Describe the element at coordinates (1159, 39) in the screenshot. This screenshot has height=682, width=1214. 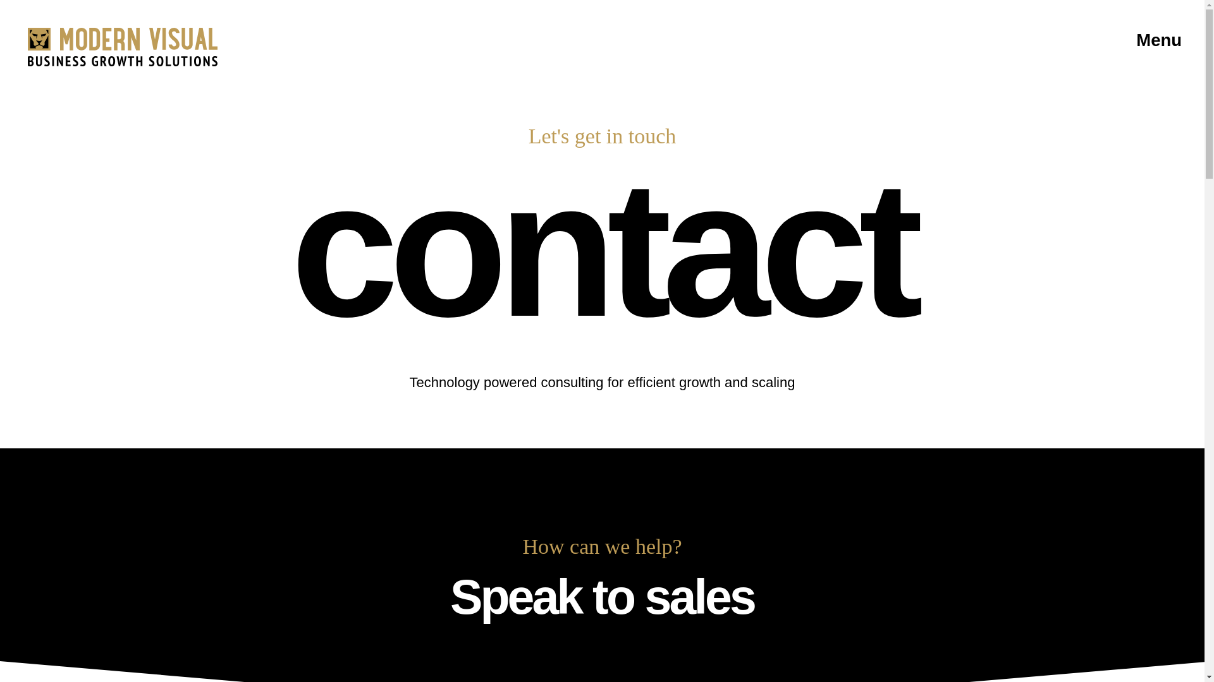
I see `'Menu'` at that location.